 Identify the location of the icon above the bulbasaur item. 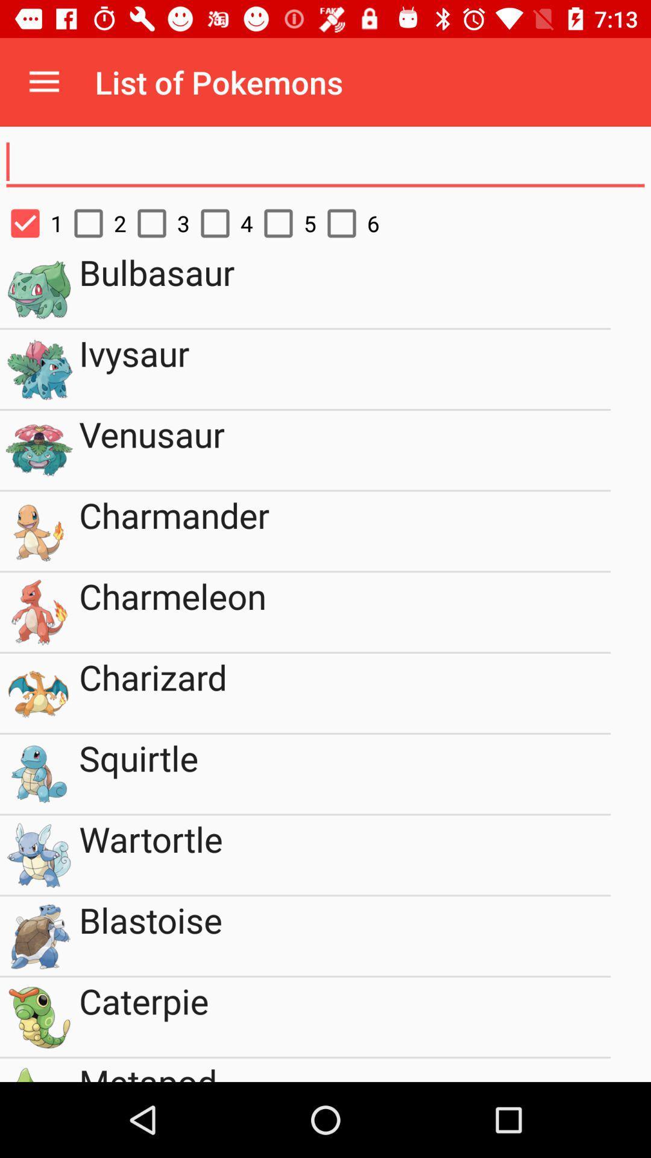
(348, 223).